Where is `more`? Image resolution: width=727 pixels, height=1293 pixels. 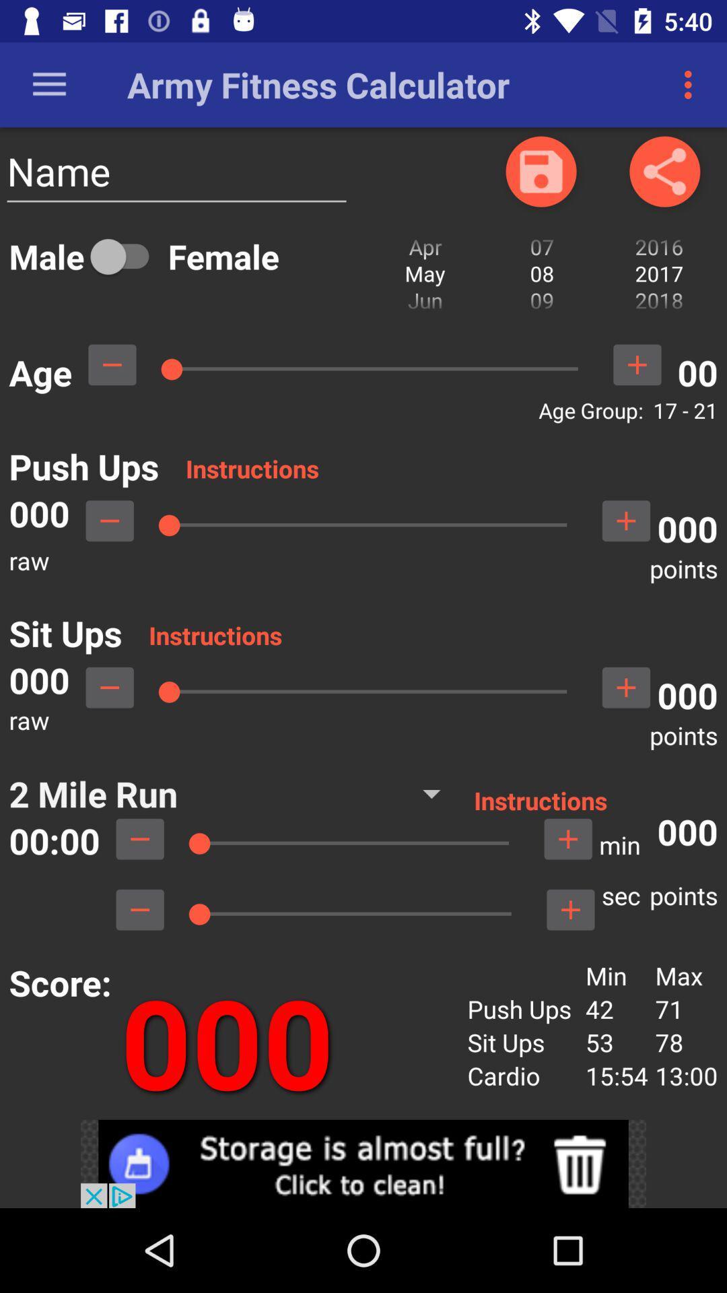
more is located at coordinates (626, 688).